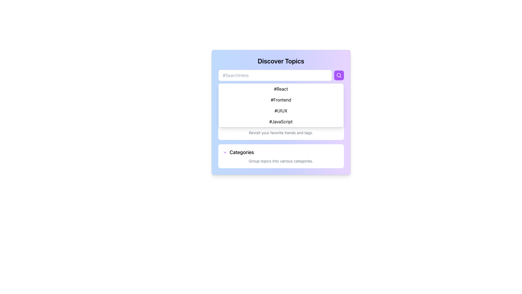 This screenshot has height=294, width=522. Describe the element at coordinates (281, 161) in the screenshot. I see `the Static Text element displaying 'Group topics into various categories.' located below the 'Categories' header` at that location.